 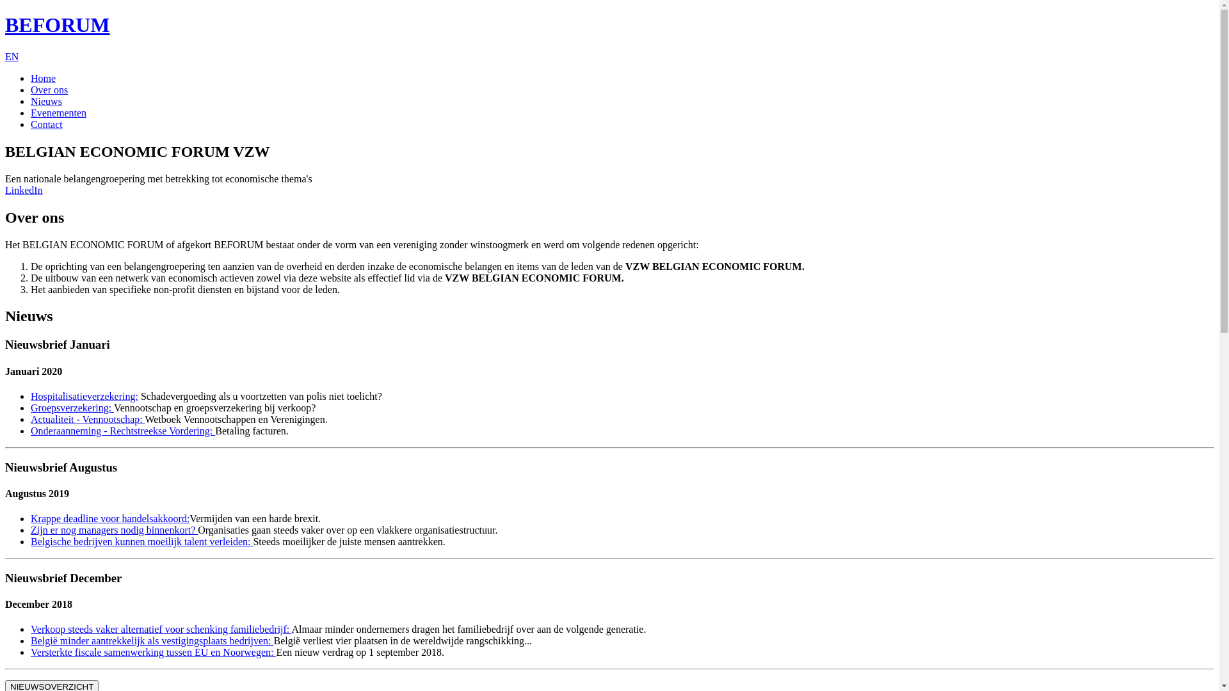 I want to click on 'Hospitalisatieverzekering:', so click(x=84, y=395).